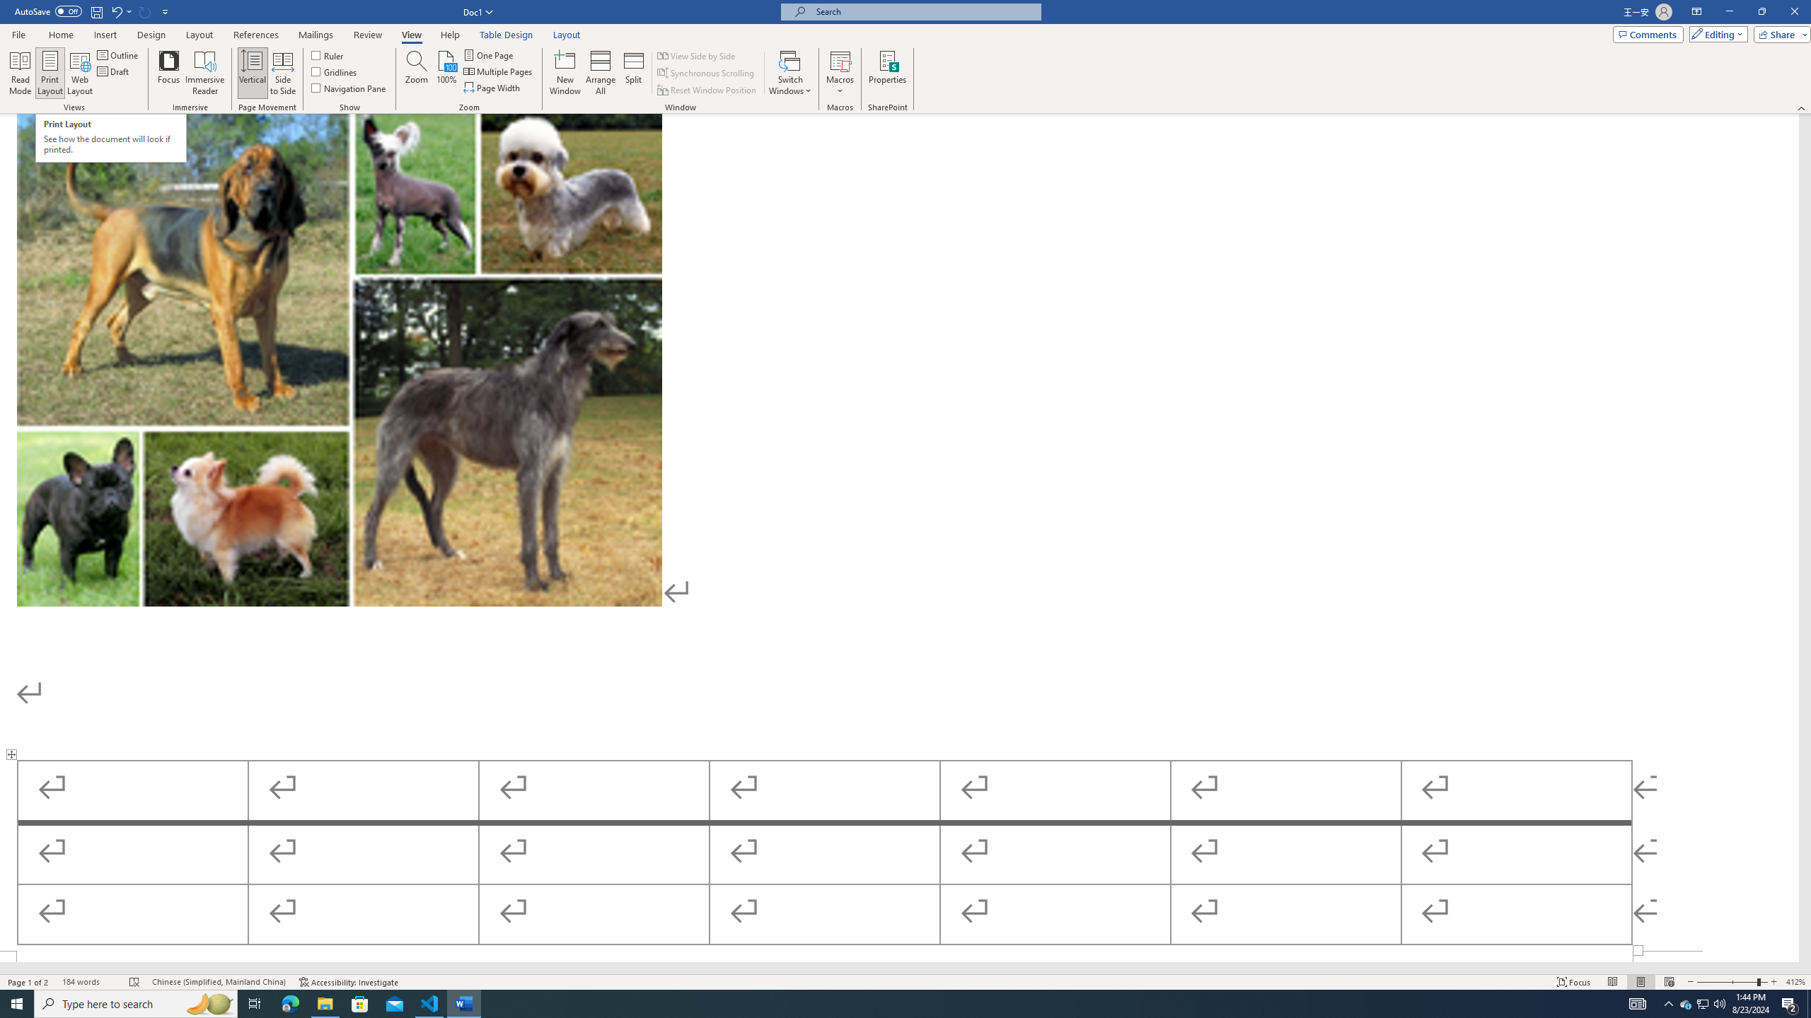 This screenshot has width=1811, height=1018. I want to click on 'Multiple Pages', so click(499, 70).